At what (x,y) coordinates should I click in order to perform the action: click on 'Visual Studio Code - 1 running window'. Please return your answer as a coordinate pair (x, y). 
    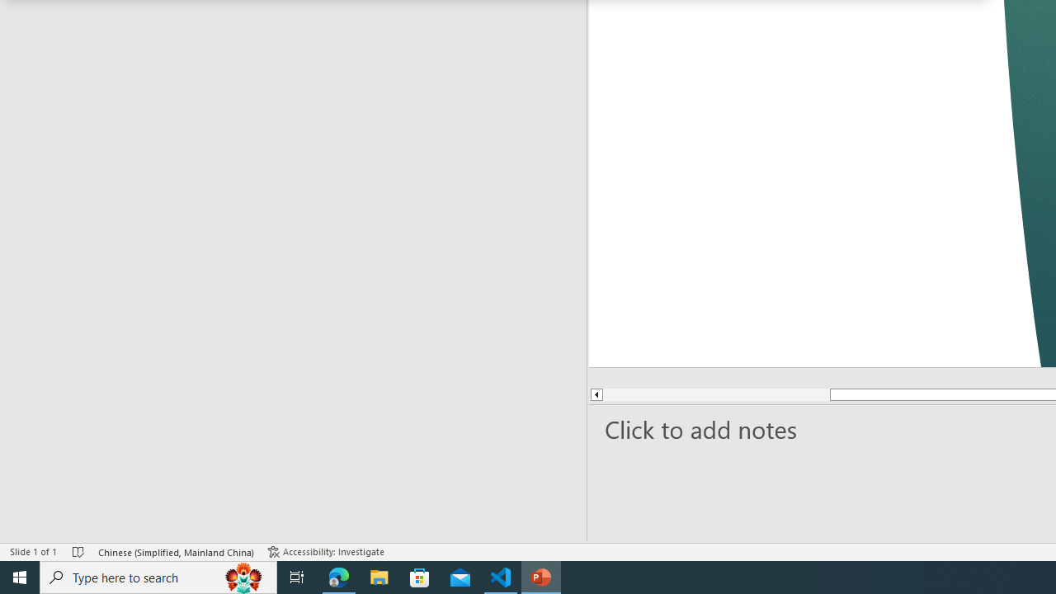
    Looking at the image, I should click on (500, 576).